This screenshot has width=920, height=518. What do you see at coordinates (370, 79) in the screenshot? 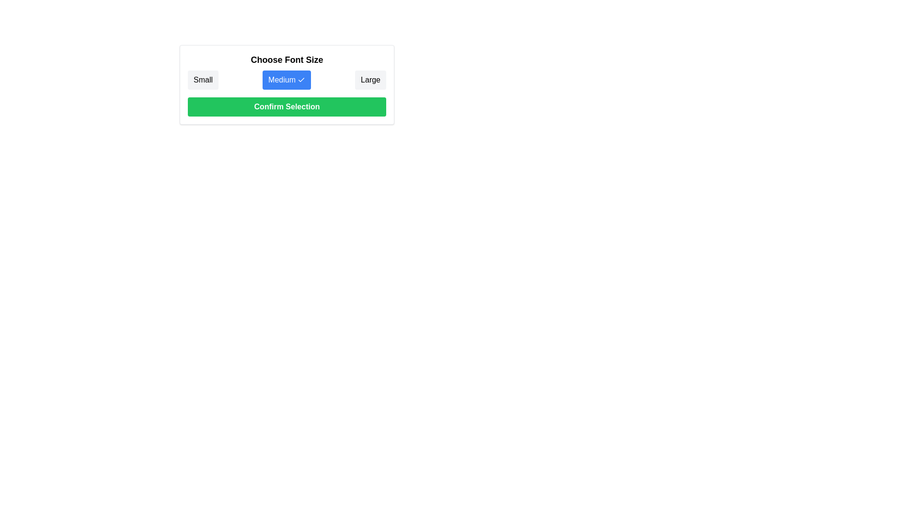
I see `the rectangular text button labeled 'Large' with a light gray background` at bounding box center [370, 79].